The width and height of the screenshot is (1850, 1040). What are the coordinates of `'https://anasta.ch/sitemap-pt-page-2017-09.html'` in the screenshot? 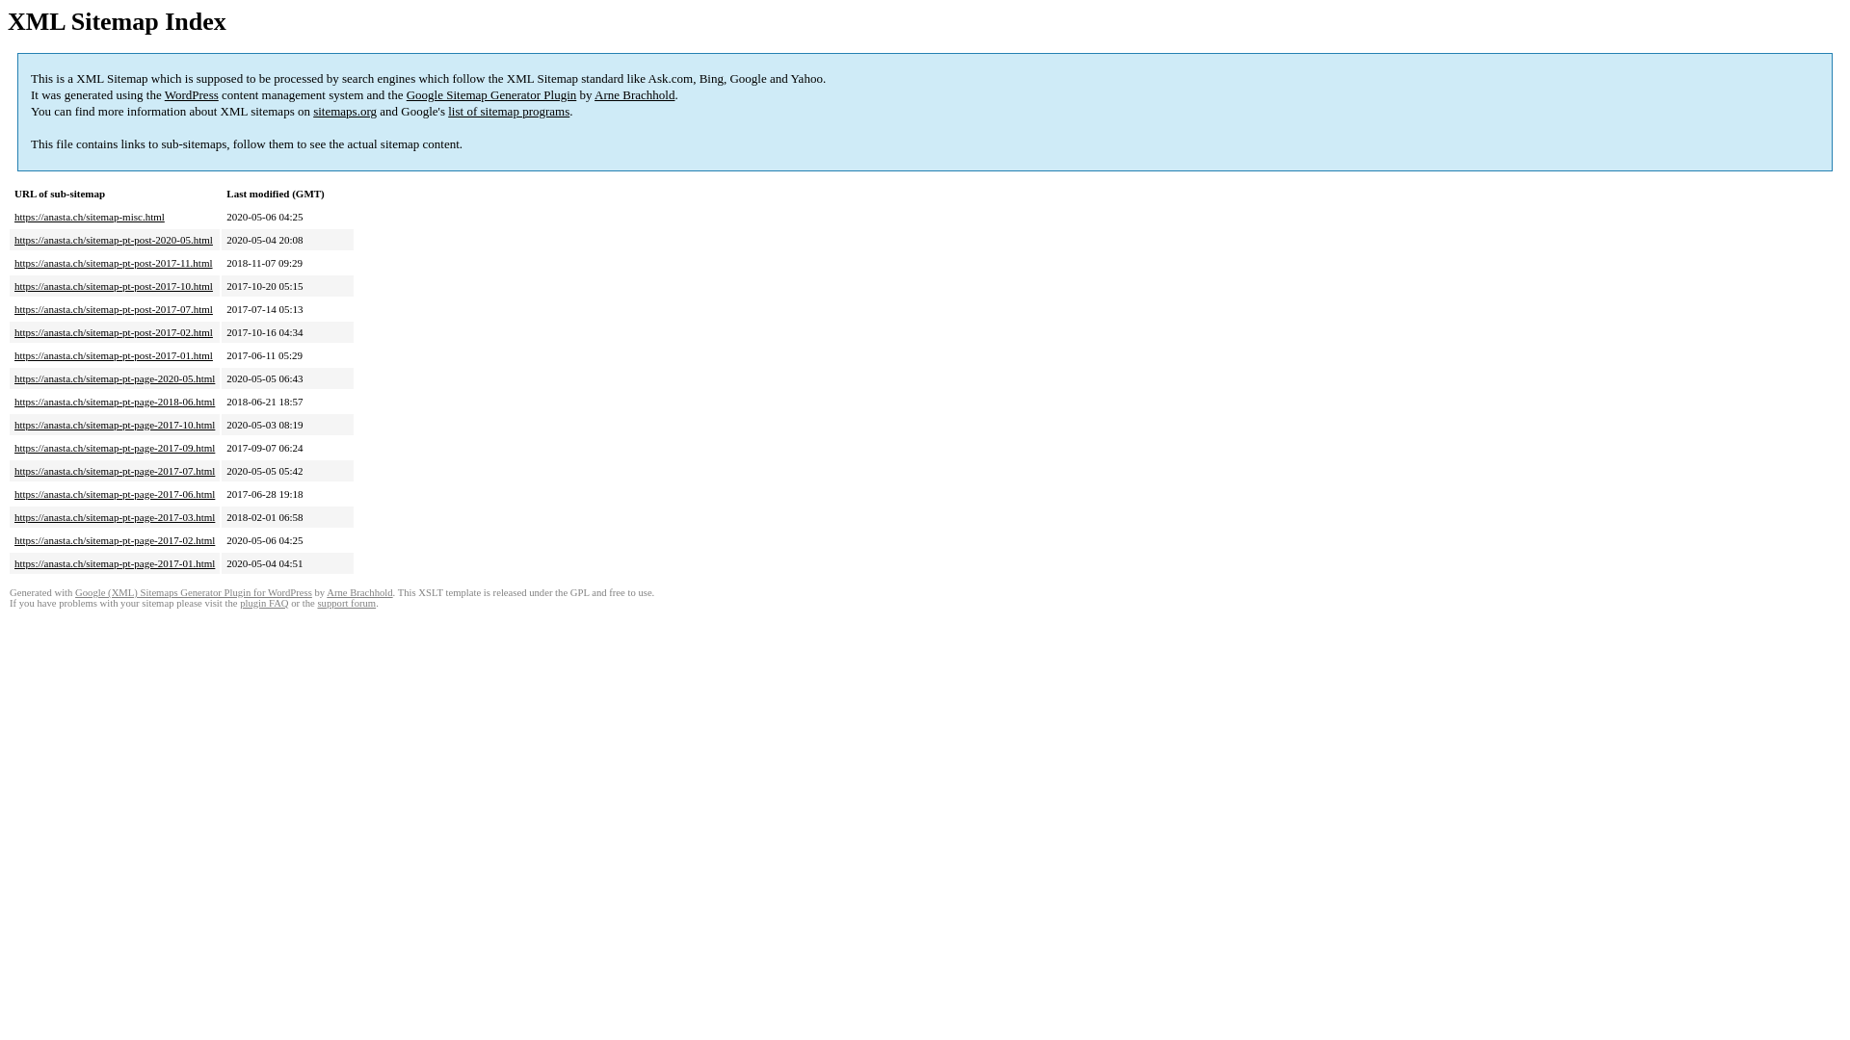 It's located at (13, 448).